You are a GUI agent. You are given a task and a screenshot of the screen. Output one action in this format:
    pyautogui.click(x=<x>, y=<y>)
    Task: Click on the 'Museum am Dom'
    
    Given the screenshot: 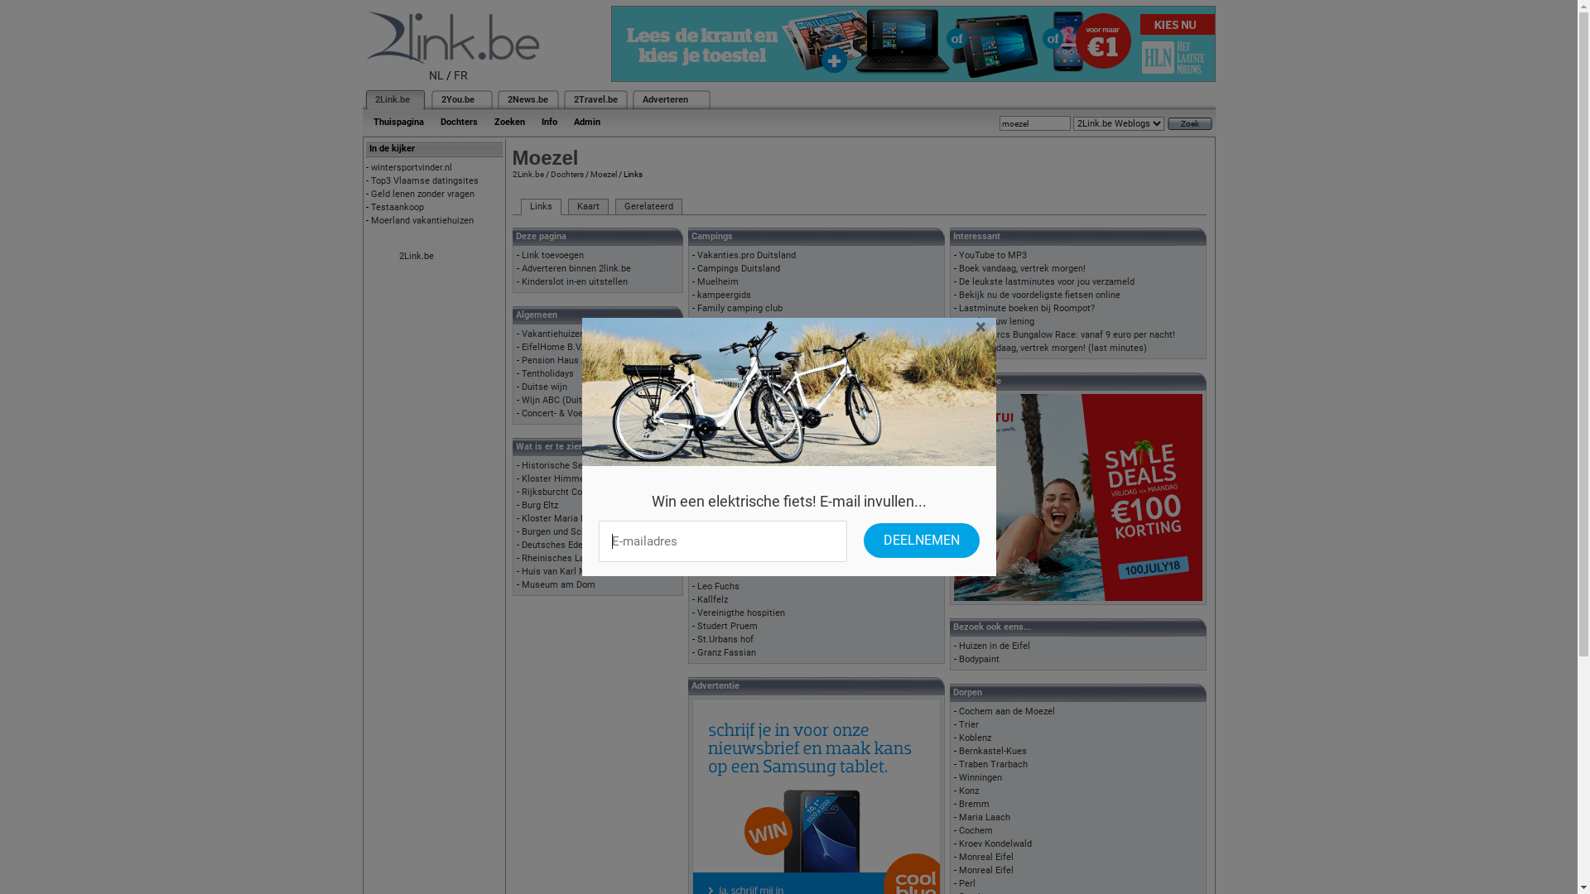 What is the action you would take?
    pyautogui.click(x=558, y=584)
    